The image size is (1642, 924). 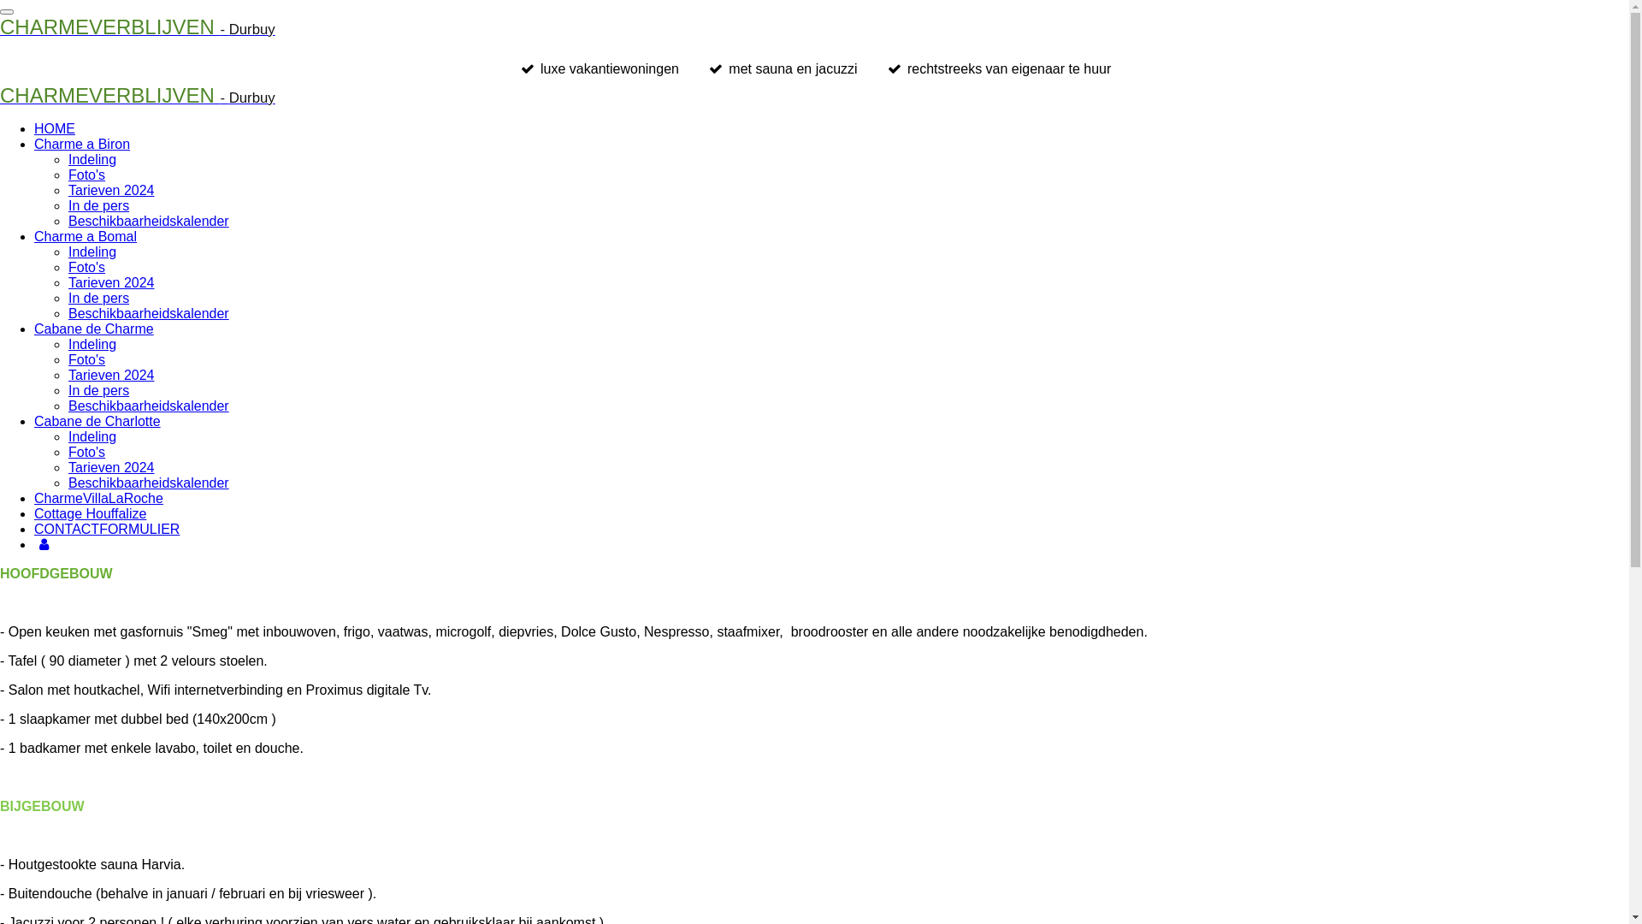 What do you see at coordinates (97, 498) in the screenshot?
I see `'CharmeVillaLaRoche'` at bounding box center [97, 498].